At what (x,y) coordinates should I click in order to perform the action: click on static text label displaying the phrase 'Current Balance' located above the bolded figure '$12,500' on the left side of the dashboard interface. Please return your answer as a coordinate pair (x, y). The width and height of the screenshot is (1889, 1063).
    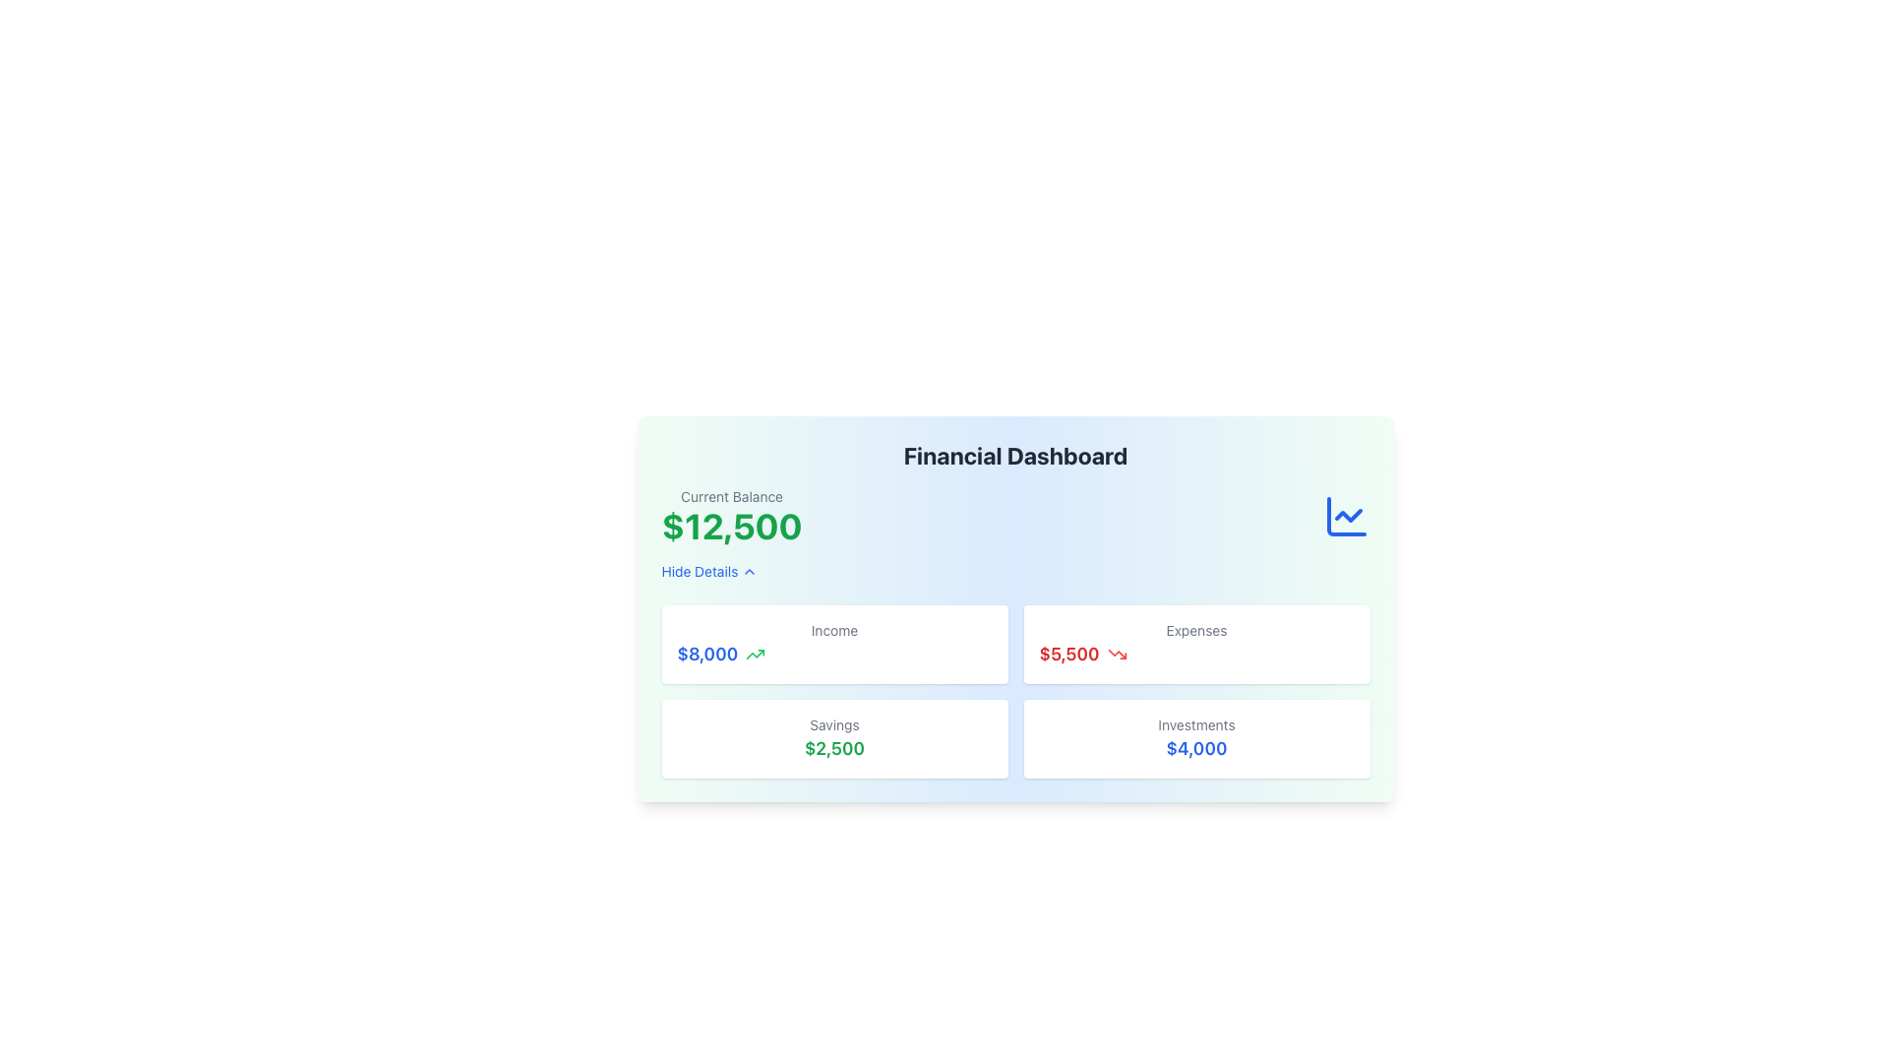
    Looking at the image, I should click on (731, 496).